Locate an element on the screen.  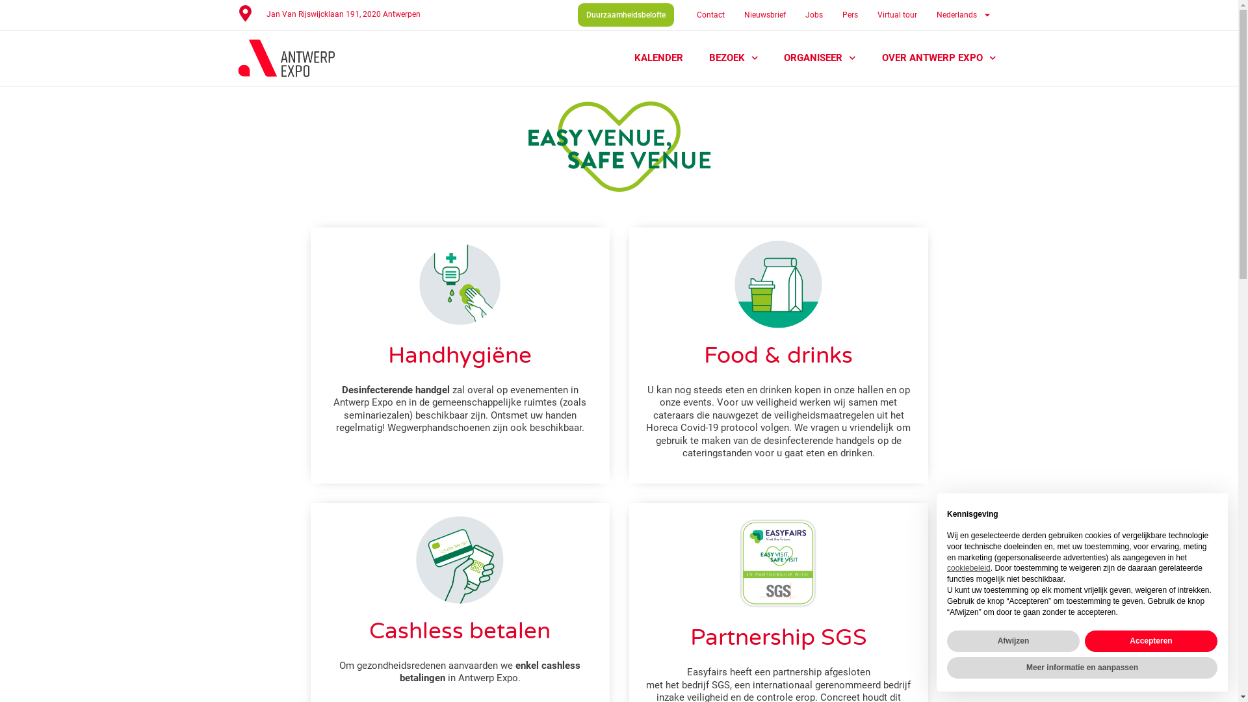
'Pers' is located at coordinates (850, 15).